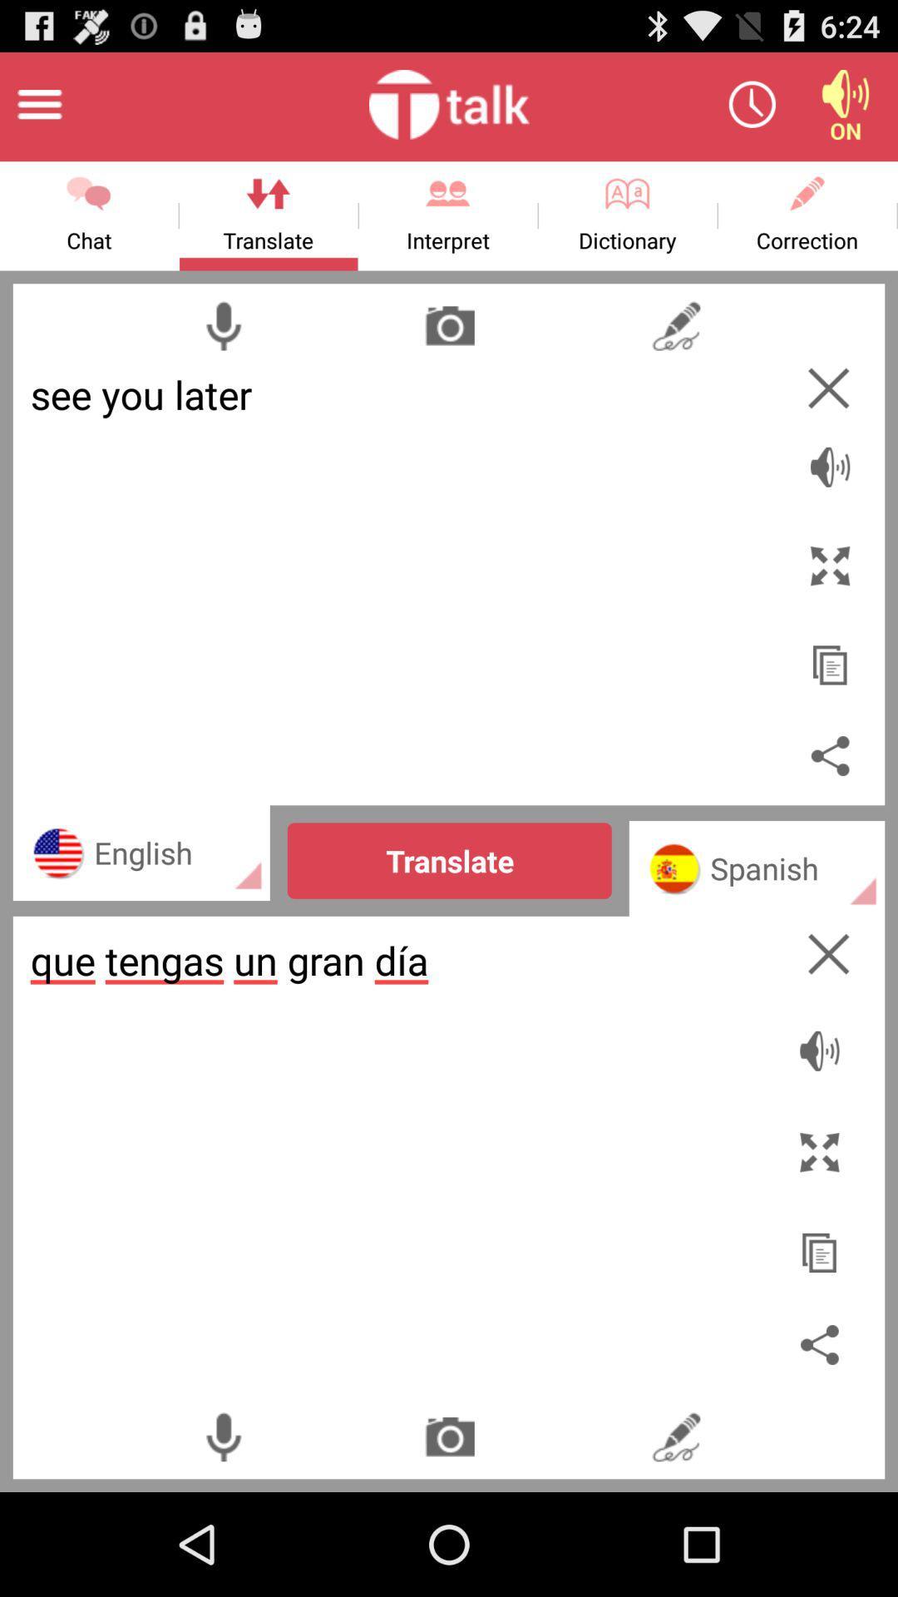  Describe the element at coordinates (828, 1020) in the screenshot. I see `the close icon` at that location.